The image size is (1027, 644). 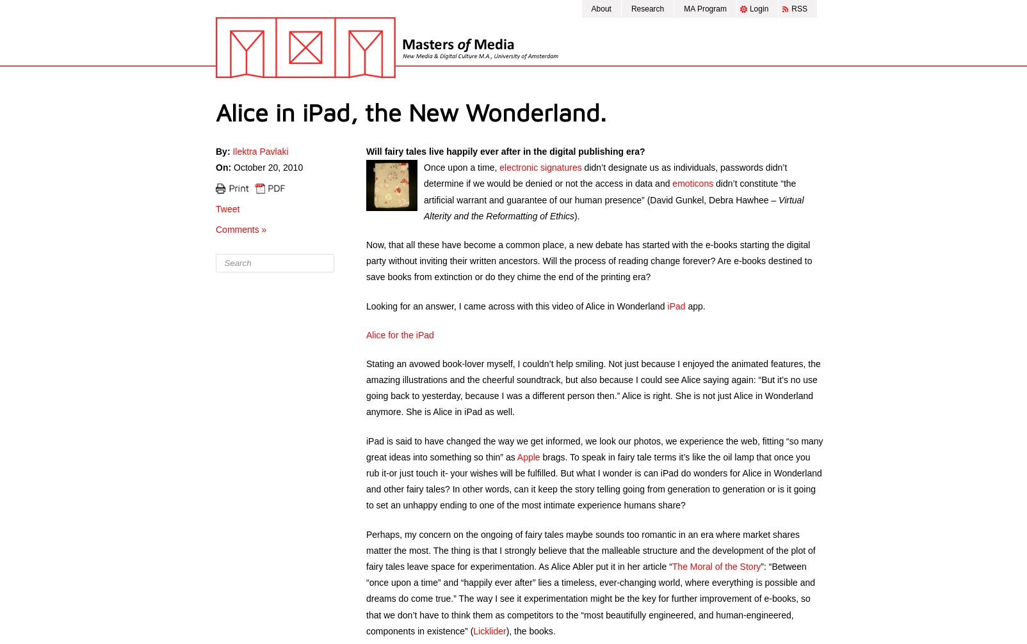 What do you see at coordinates (410, 112) in the screenshot?
I see `'Alice in iPad, the New Wonderland.'` at bounding box center [410, 112].